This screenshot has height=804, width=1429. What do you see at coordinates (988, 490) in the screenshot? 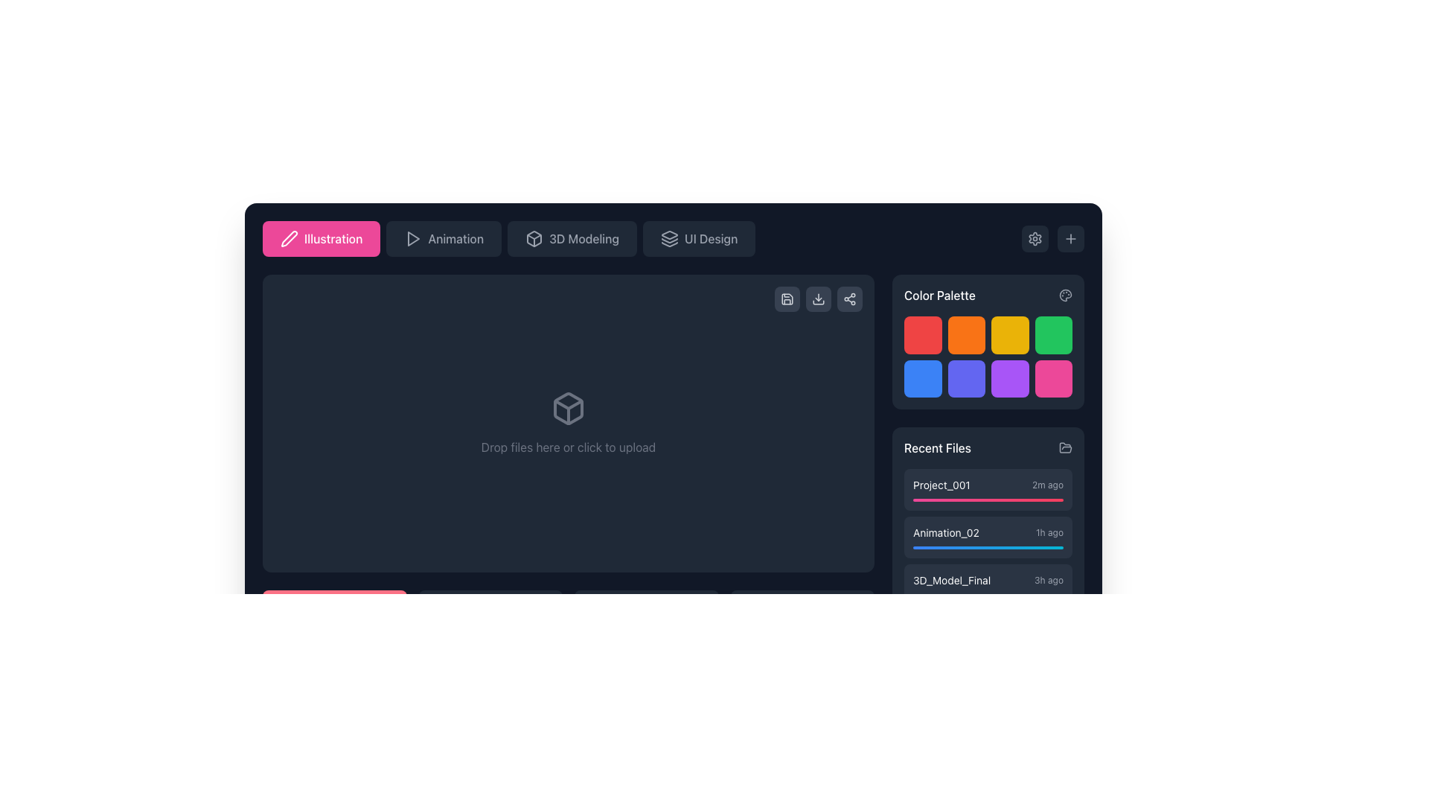
I see `the first entry in the recent files list, labeled 'Project_001'` at bounding box center [988, 490].